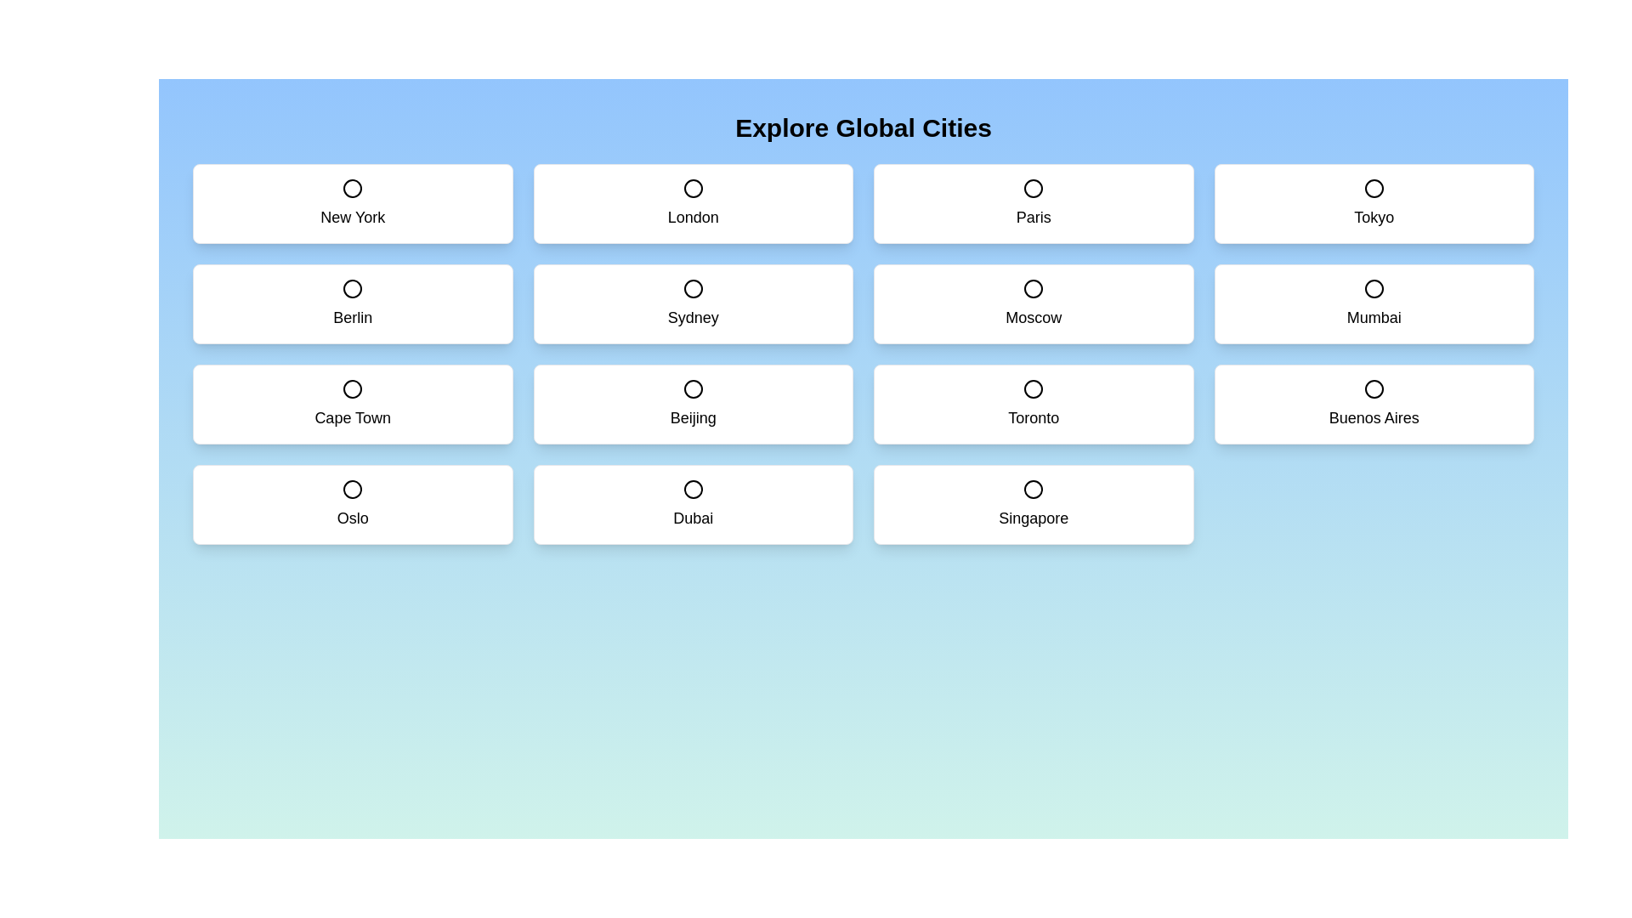  I want to click on the city card labeled Sydney to toggle its selection state, so click(693, 303).